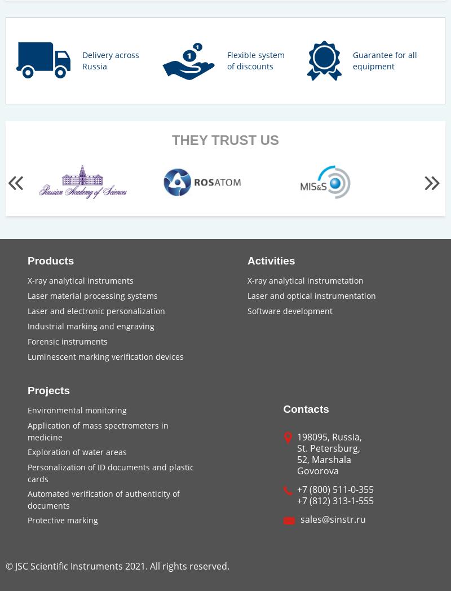 Image resolution: width=451 pixels, height=591 pixels. I want to click on 'Activities', so click(271, 260).